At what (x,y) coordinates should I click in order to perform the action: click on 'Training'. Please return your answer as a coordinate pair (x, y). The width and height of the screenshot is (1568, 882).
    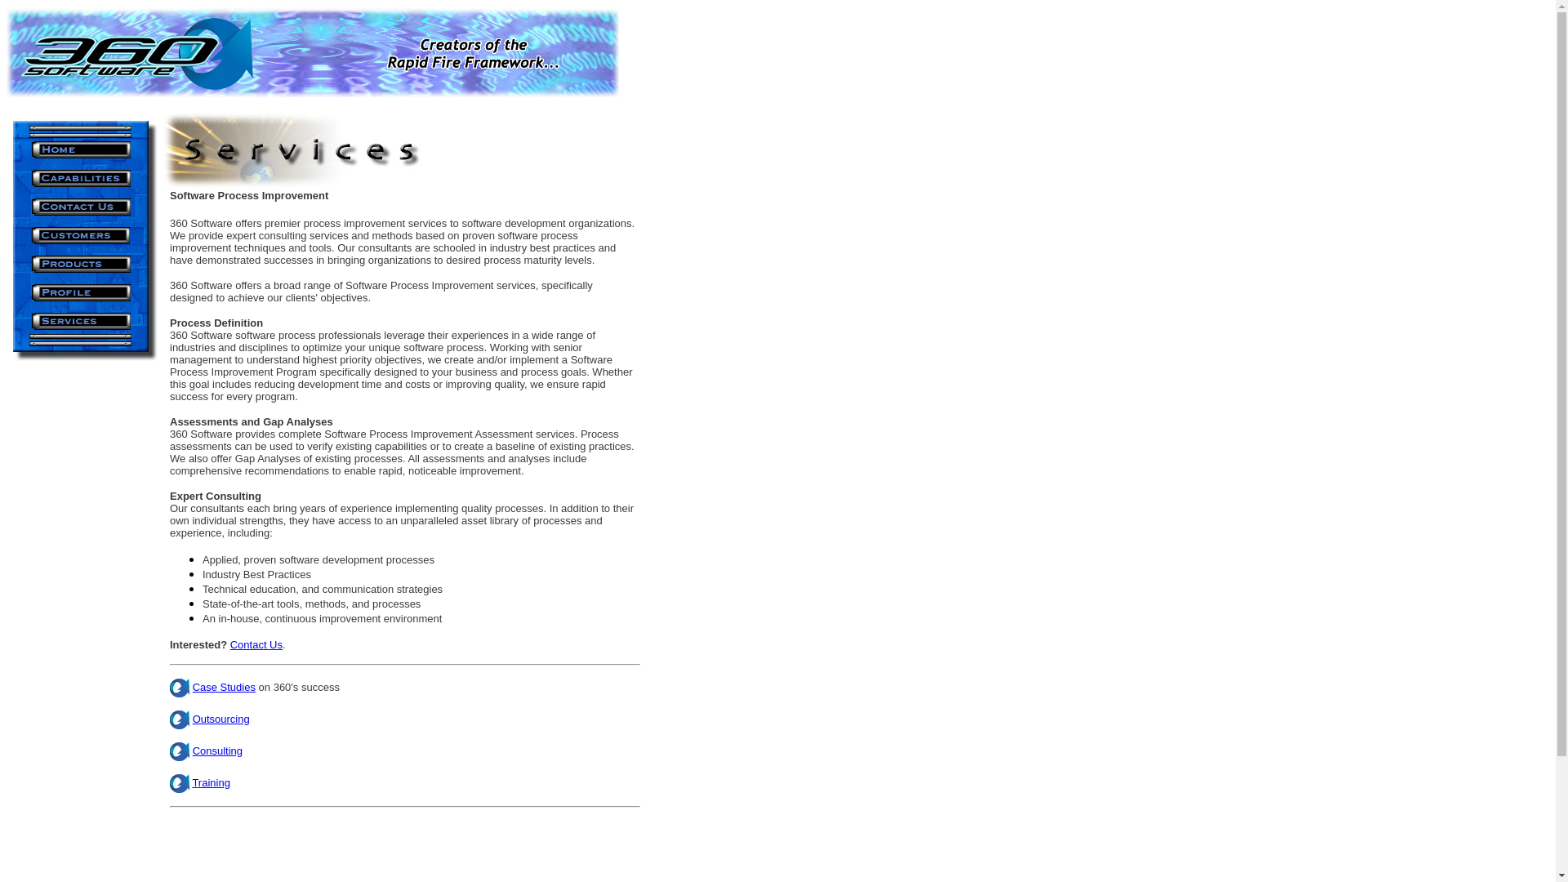
    Looking at the image, I should click on (192, 782).